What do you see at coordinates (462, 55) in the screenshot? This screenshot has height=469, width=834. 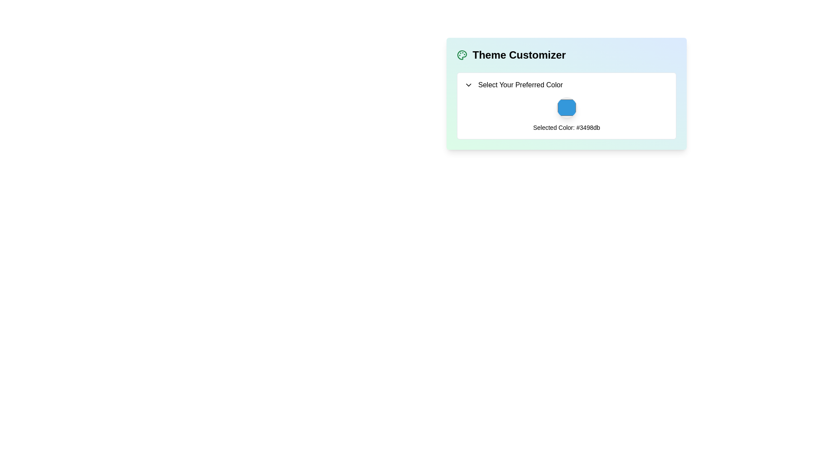 I see `the customization icon located at the left-most side of the 'Theme Customizer' title block, which aligns vertically with the text in the theme customization panel` at bounding box center [462, 55].